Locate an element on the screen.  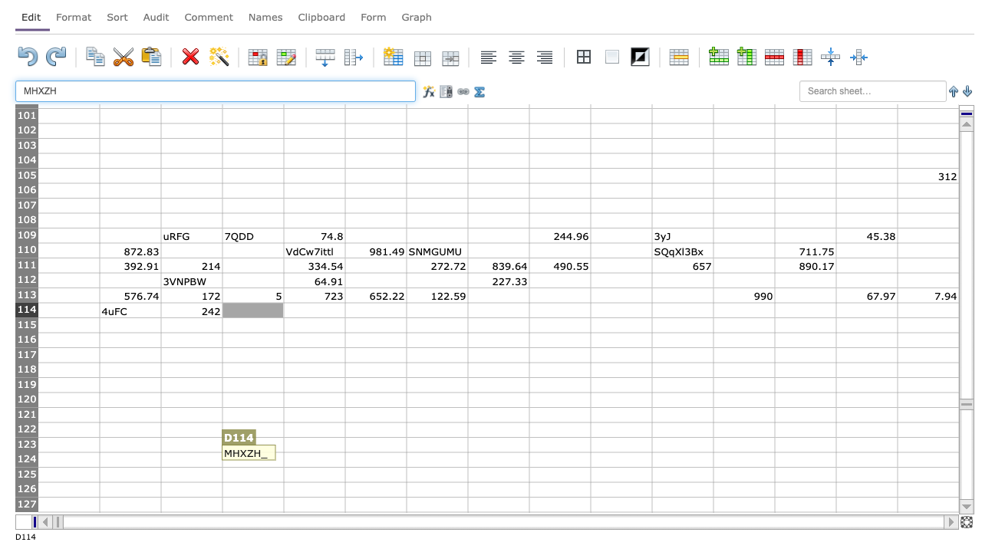
column F row 124 is located at coordinates (375, 458).